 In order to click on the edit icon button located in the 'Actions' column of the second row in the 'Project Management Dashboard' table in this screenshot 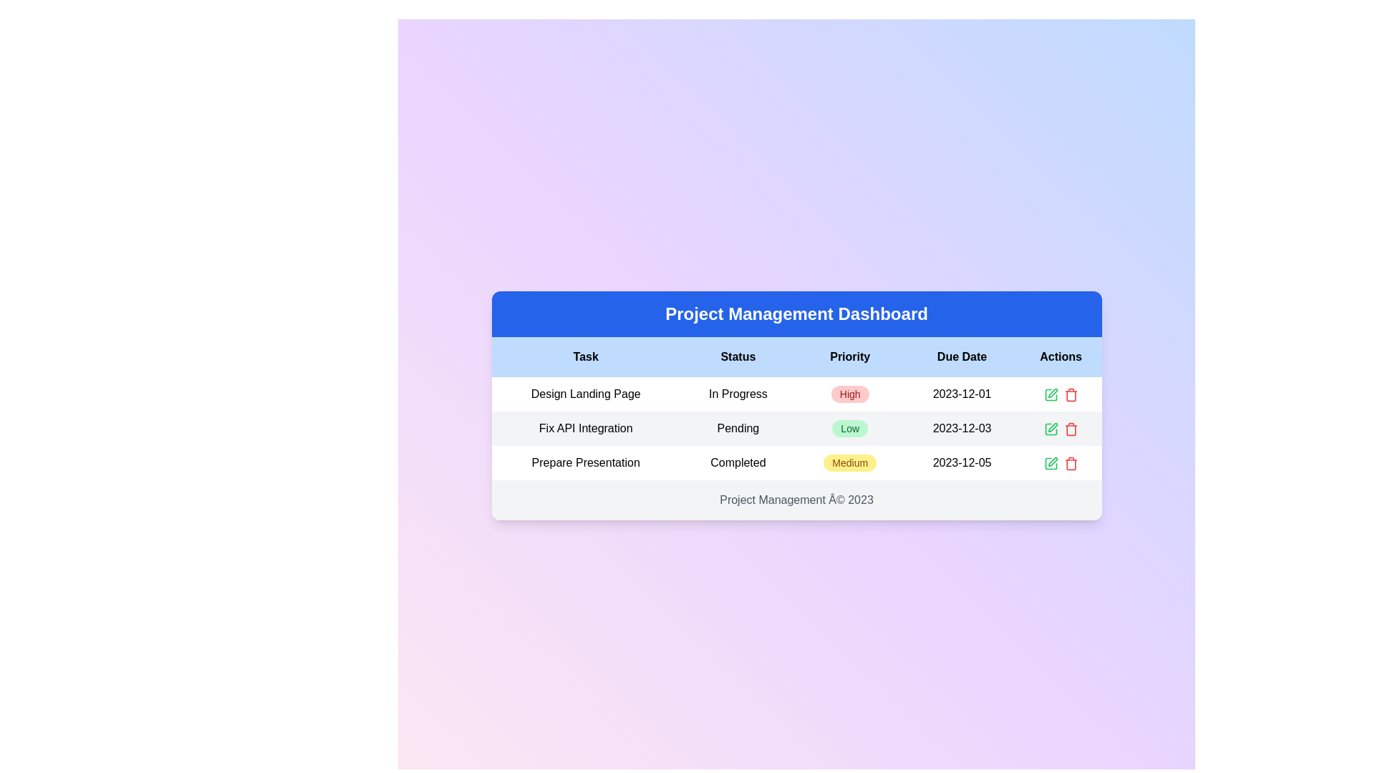, I will do `click(1051, 428)`.